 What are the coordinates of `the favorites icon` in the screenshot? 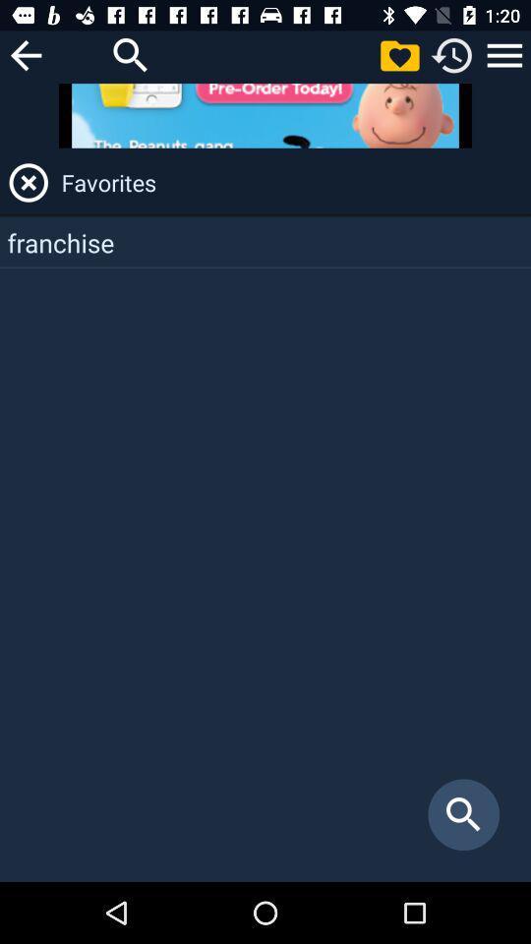 It's located at (292, 182).